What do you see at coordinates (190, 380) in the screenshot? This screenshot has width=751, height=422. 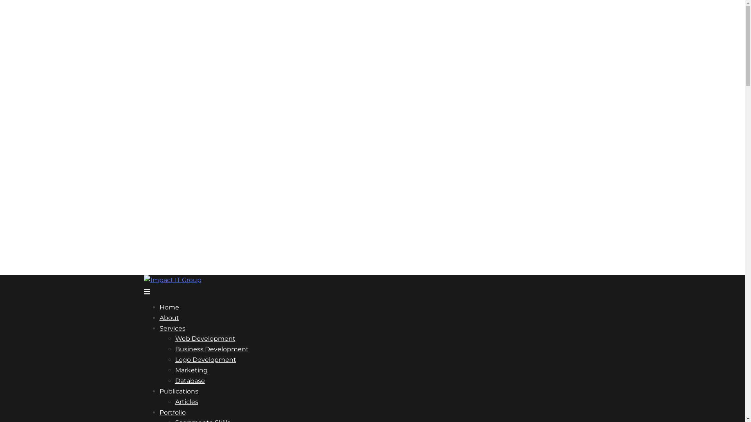 I see `'Database'` at bounding box center [190, 380].